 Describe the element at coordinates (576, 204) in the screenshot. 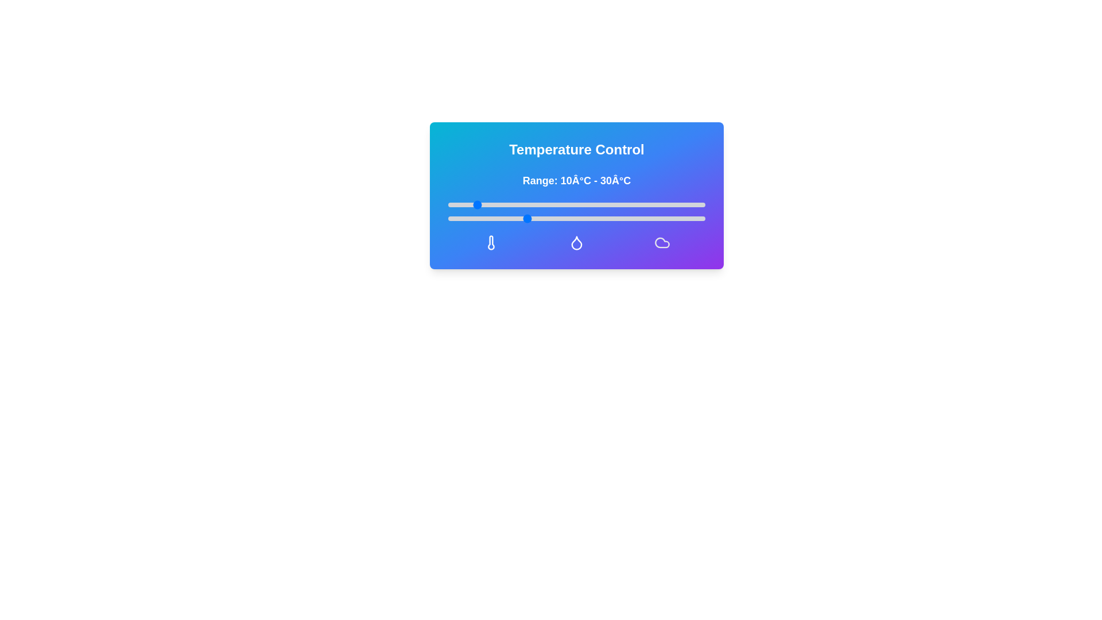

I see `the temperature` at that location.